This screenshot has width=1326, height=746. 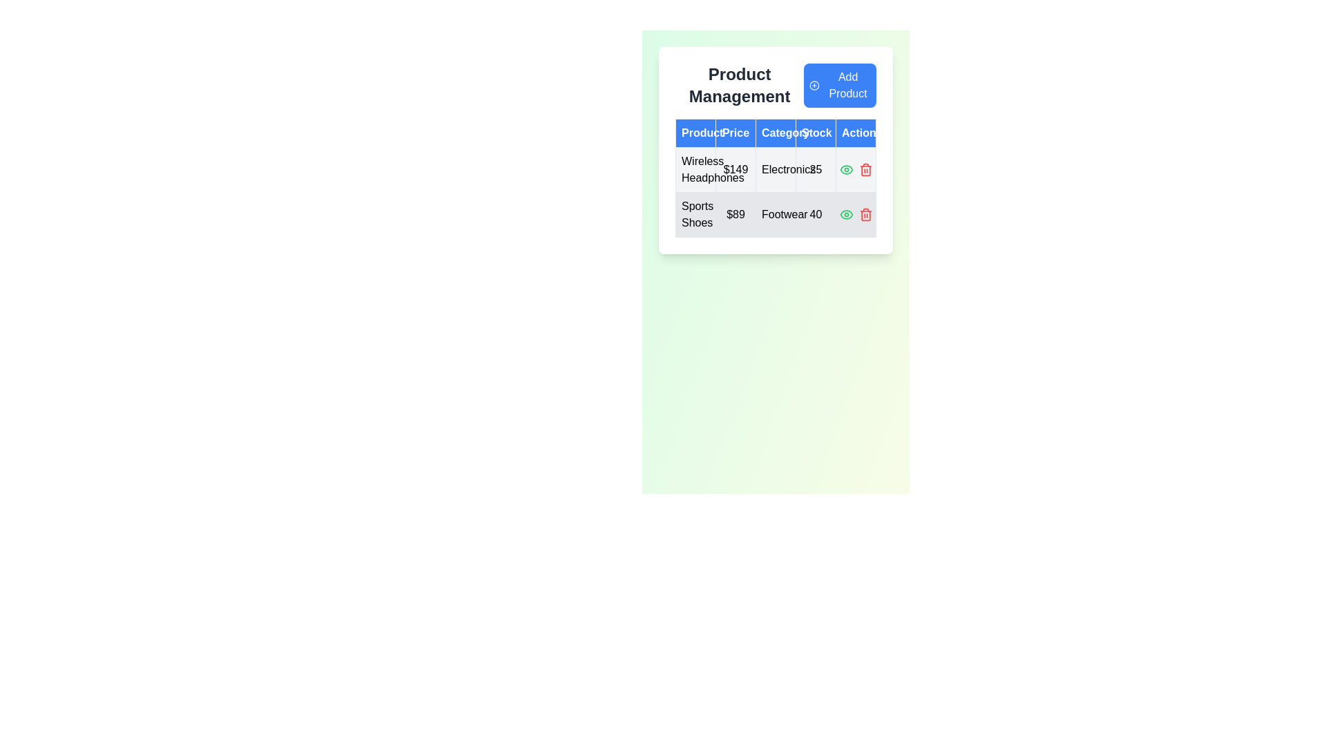 I want to click on the 'Category' column in the table, which is the third column located between the 'Price' and 'Stock' columns, so click(x=776, y=151).